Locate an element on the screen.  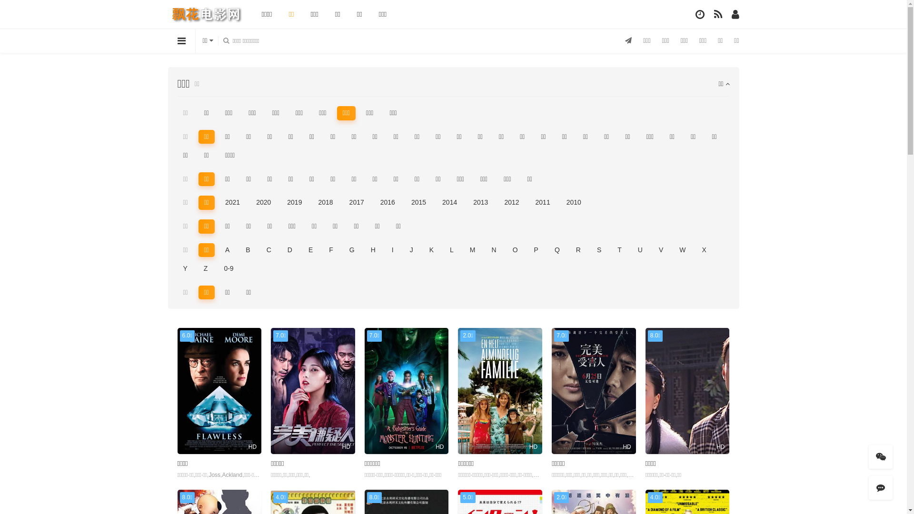
'Q' is located at coordinates (557, 249).